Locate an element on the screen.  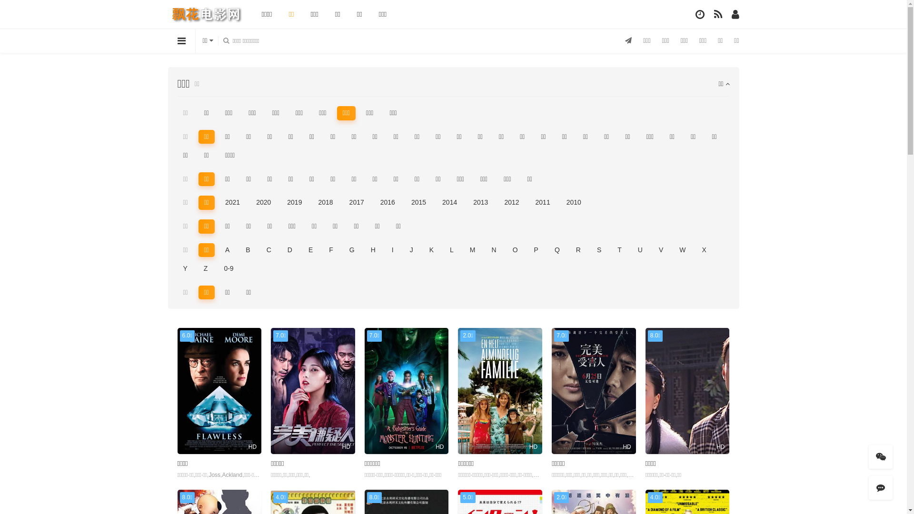
'Q' is located at coordinates (557, 249).